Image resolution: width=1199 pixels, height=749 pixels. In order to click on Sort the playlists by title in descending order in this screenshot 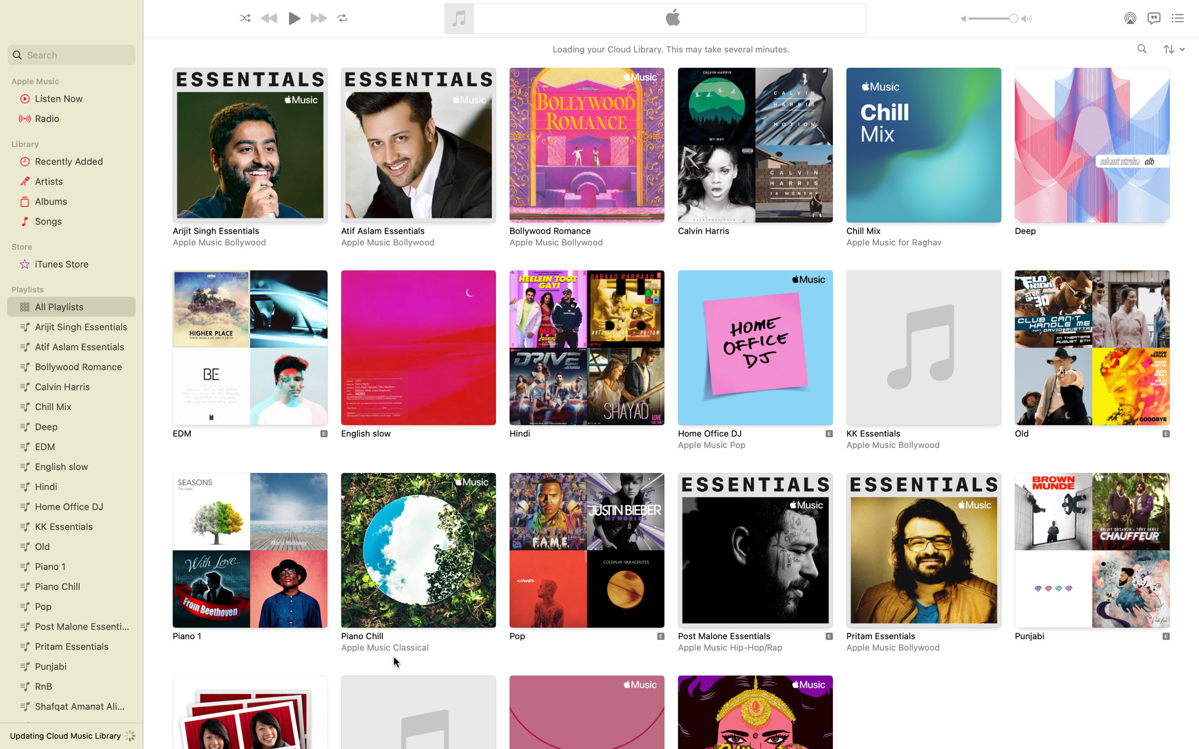, I will do `click(1173, 48)`.